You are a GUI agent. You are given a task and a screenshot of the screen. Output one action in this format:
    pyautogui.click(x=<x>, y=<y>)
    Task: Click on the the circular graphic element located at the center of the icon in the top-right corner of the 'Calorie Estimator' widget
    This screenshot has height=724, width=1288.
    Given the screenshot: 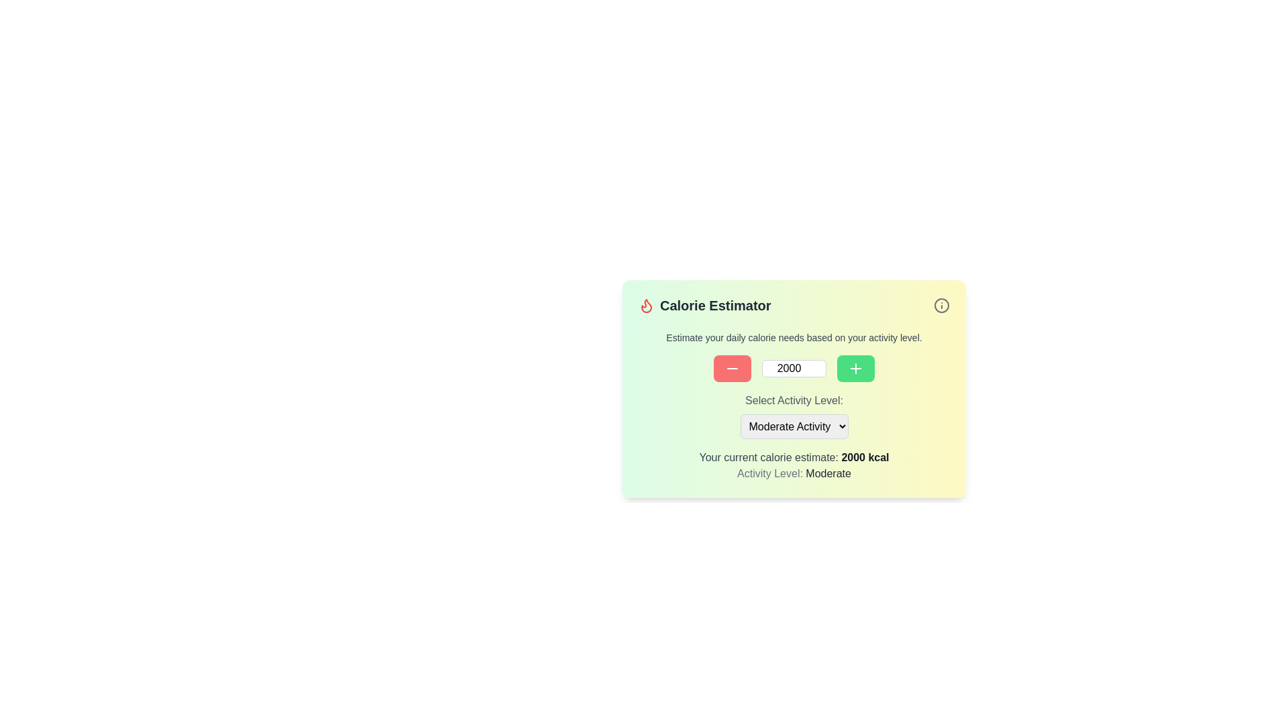 What is the action you would take?
    pyautogui.click(x=941, y=305)
    